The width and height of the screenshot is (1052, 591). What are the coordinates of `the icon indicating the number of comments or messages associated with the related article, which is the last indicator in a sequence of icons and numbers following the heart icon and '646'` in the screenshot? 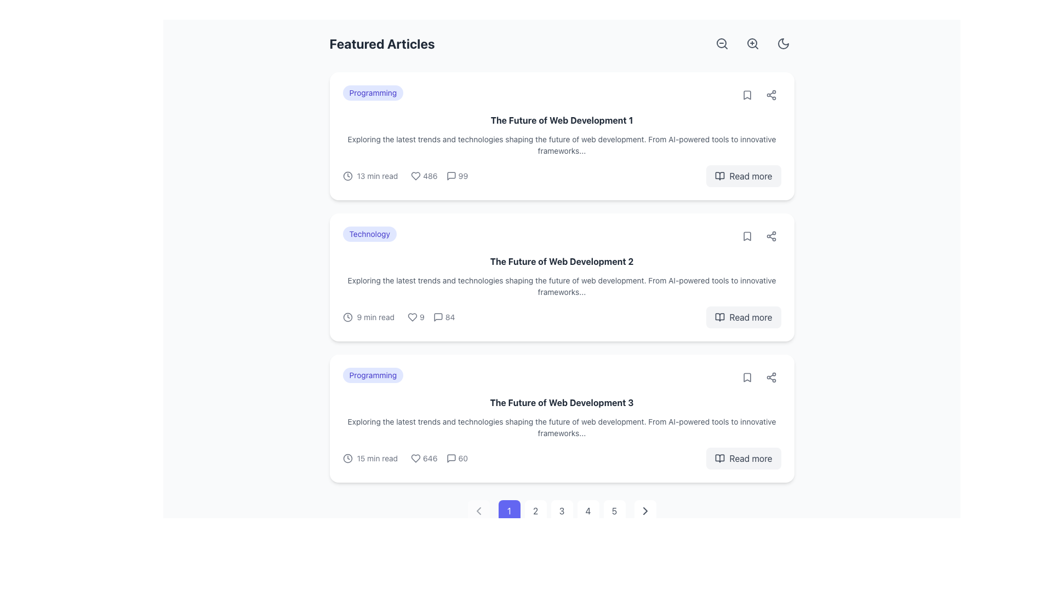 It's located at (457, 458).